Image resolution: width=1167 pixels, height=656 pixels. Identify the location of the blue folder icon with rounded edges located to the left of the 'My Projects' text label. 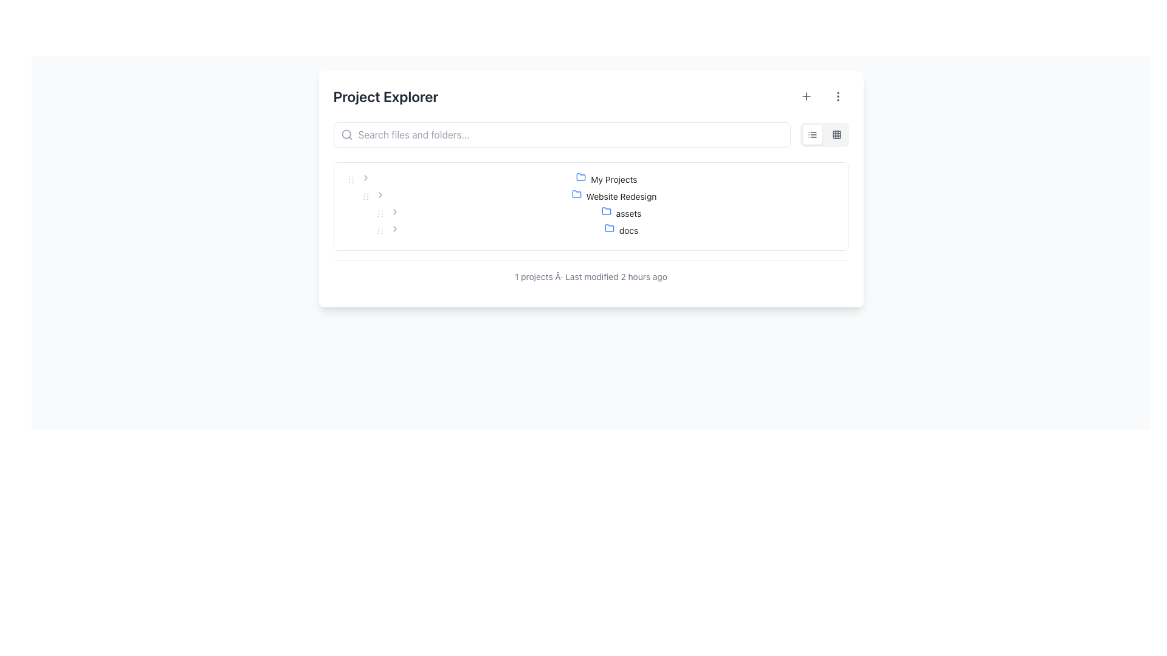
(580, 177).